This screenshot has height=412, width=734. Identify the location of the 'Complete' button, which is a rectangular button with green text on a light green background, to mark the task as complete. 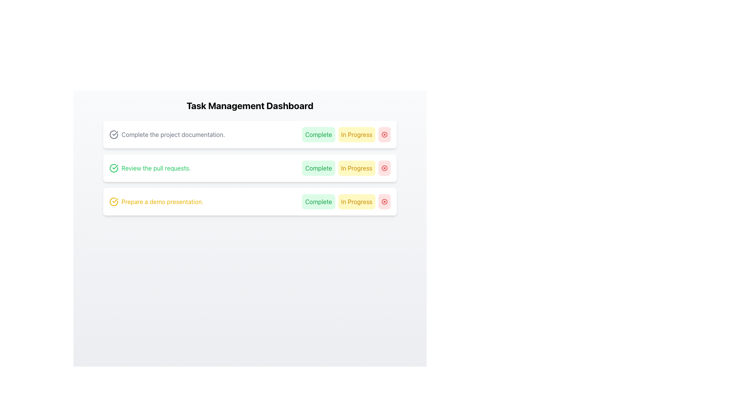
(318, 134).